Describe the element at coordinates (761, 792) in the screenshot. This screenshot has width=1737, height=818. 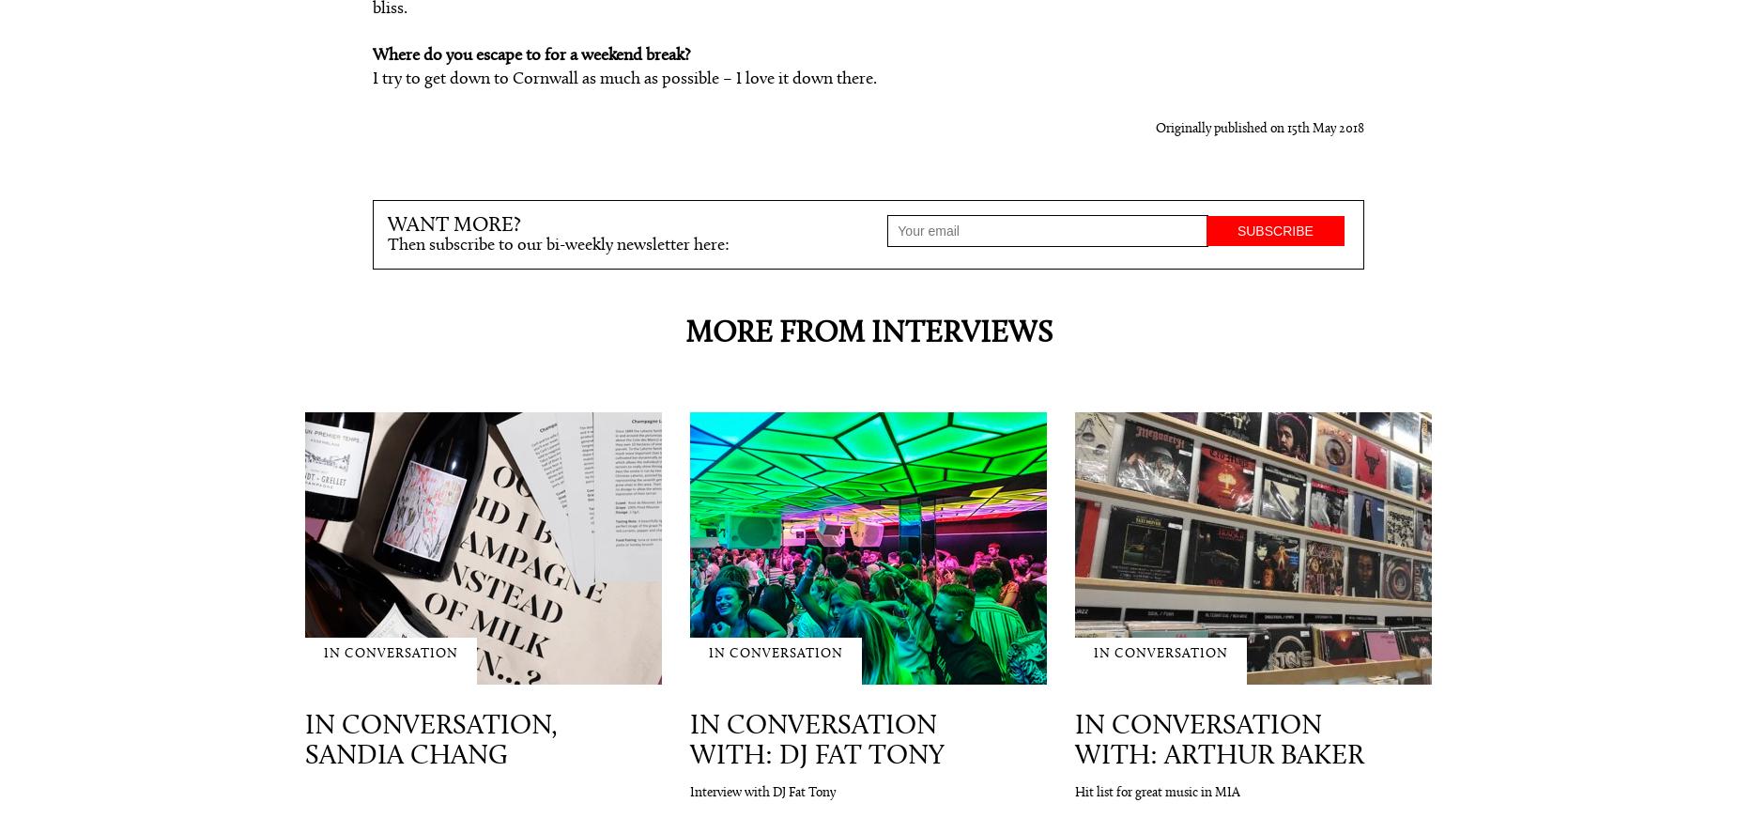
I see `'Interview with DJ Fat Tony'` at that location.